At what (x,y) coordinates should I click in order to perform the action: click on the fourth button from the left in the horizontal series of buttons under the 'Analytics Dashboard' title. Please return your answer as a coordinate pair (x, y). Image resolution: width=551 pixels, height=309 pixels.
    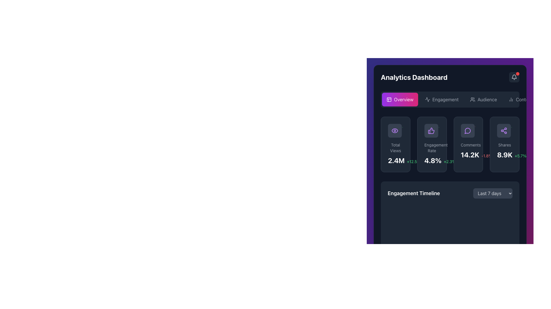
    Looking at the image, I should click on (504, 130).